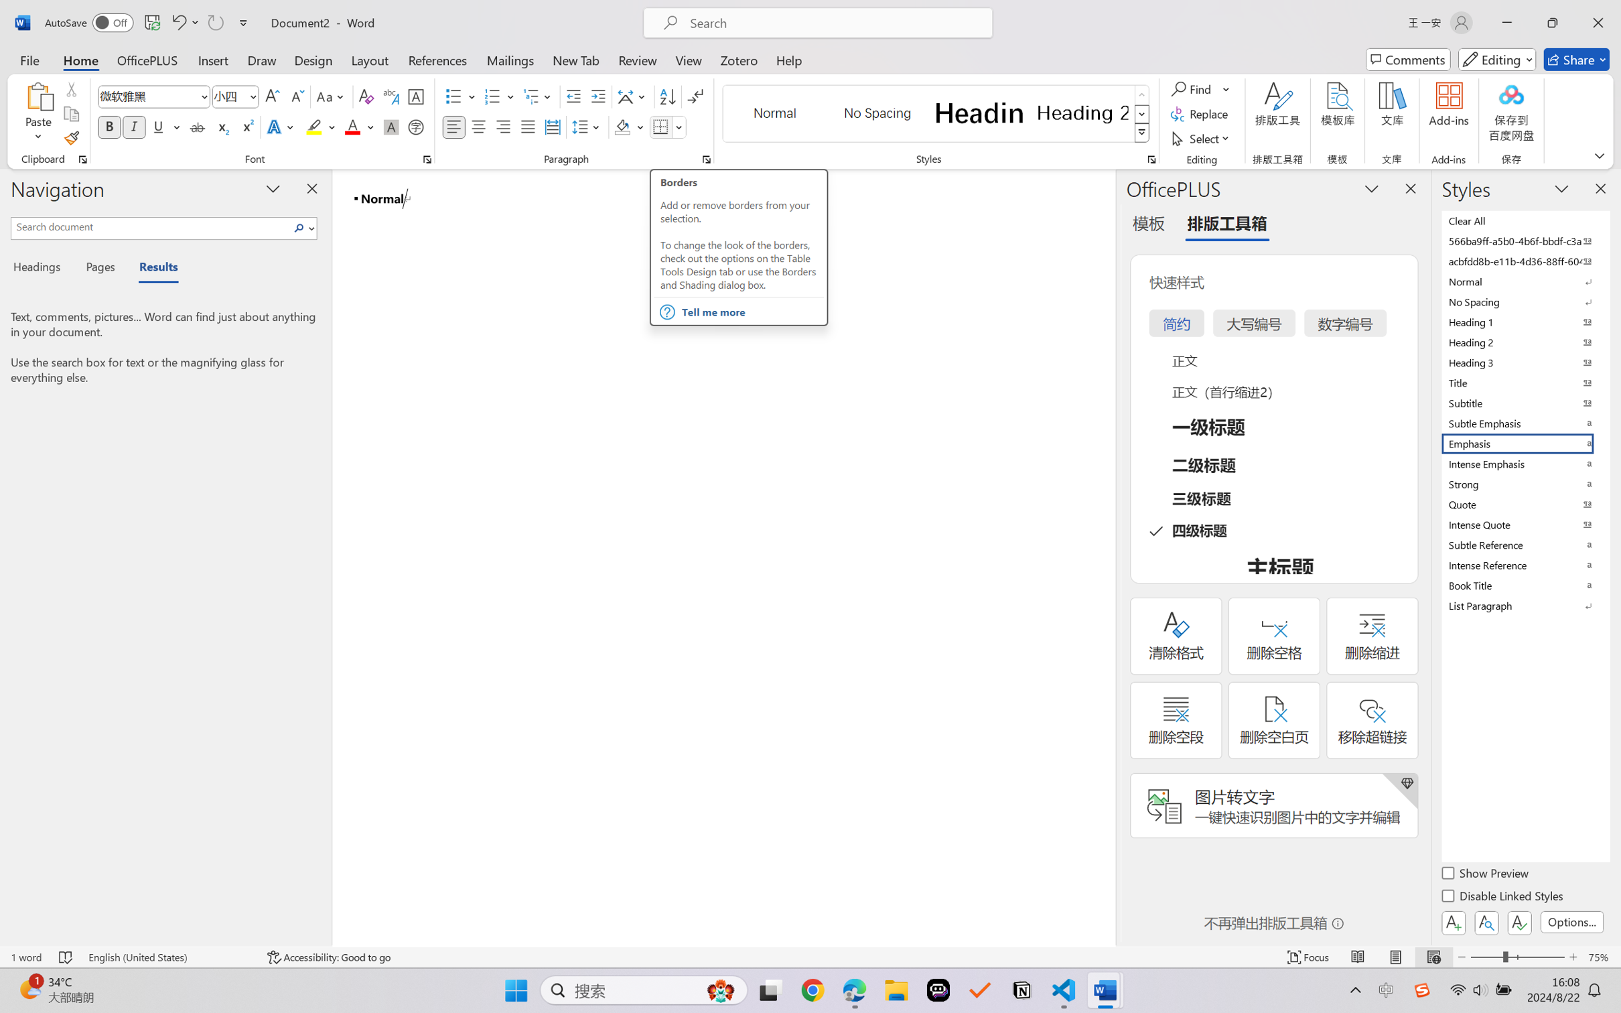  I want to click on 'Select', so click(1202, 139).